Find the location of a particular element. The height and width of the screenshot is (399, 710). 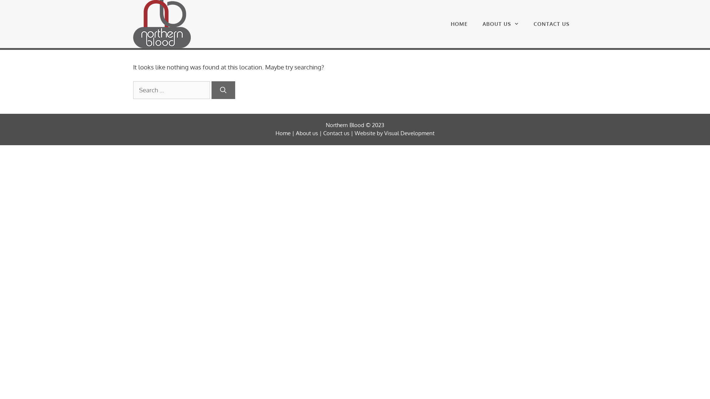

'About us' is located at coordinates (307, 133).